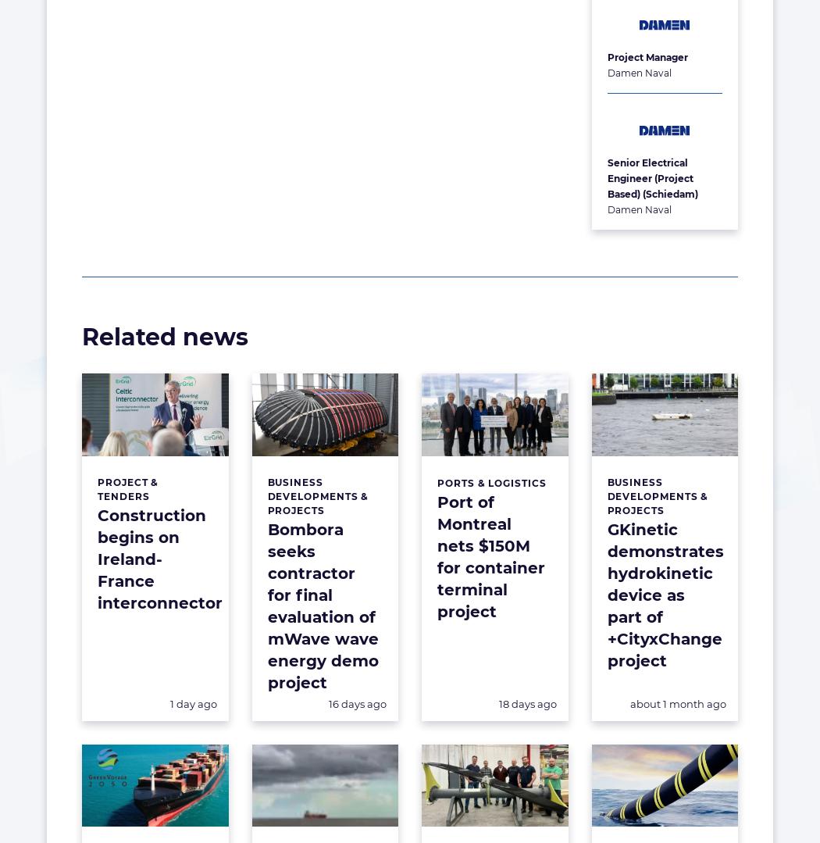 The image size is (820, 843). What do you see at coordinates (490, 555) in the screenshot?
I see `'Port of Montreal nets $150M for container terminal project'` at bounding box center [490, 555].